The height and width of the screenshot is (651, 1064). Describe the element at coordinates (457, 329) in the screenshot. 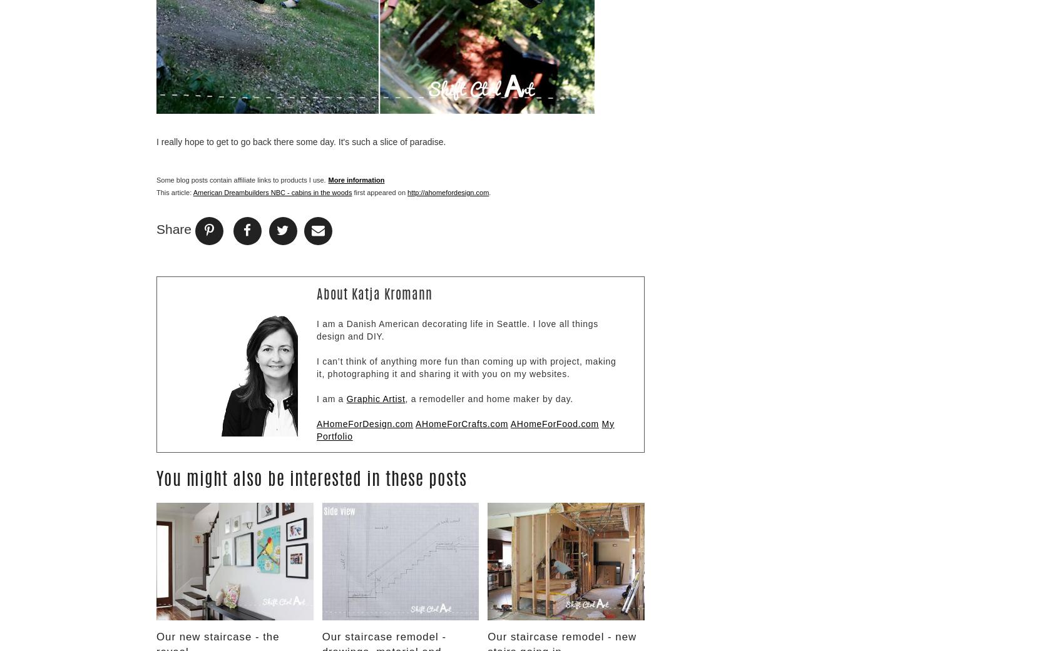

I see `'I am a Danish American decorating life in Seattle. I love all things design and DIY.'` at that location.